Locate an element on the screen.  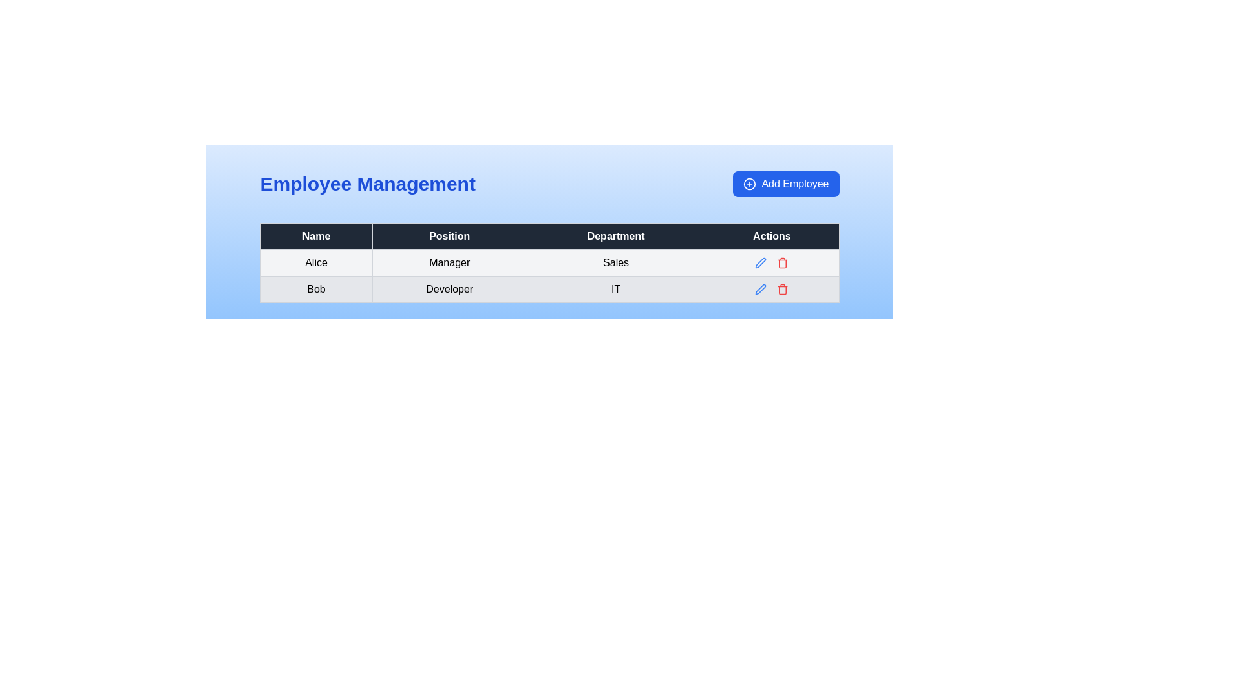
the circular '+' icon located on the left side of the 'Add Employee' button in the top-right blue section above the table is located at coordinates (750, 184).